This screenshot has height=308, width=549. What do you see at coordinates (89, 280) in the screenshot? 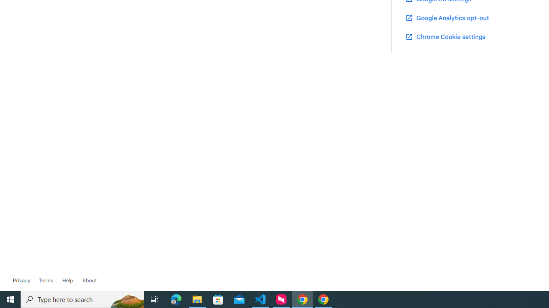
I see `'Learn more about Google Account'` at bounding box center [89, 280].